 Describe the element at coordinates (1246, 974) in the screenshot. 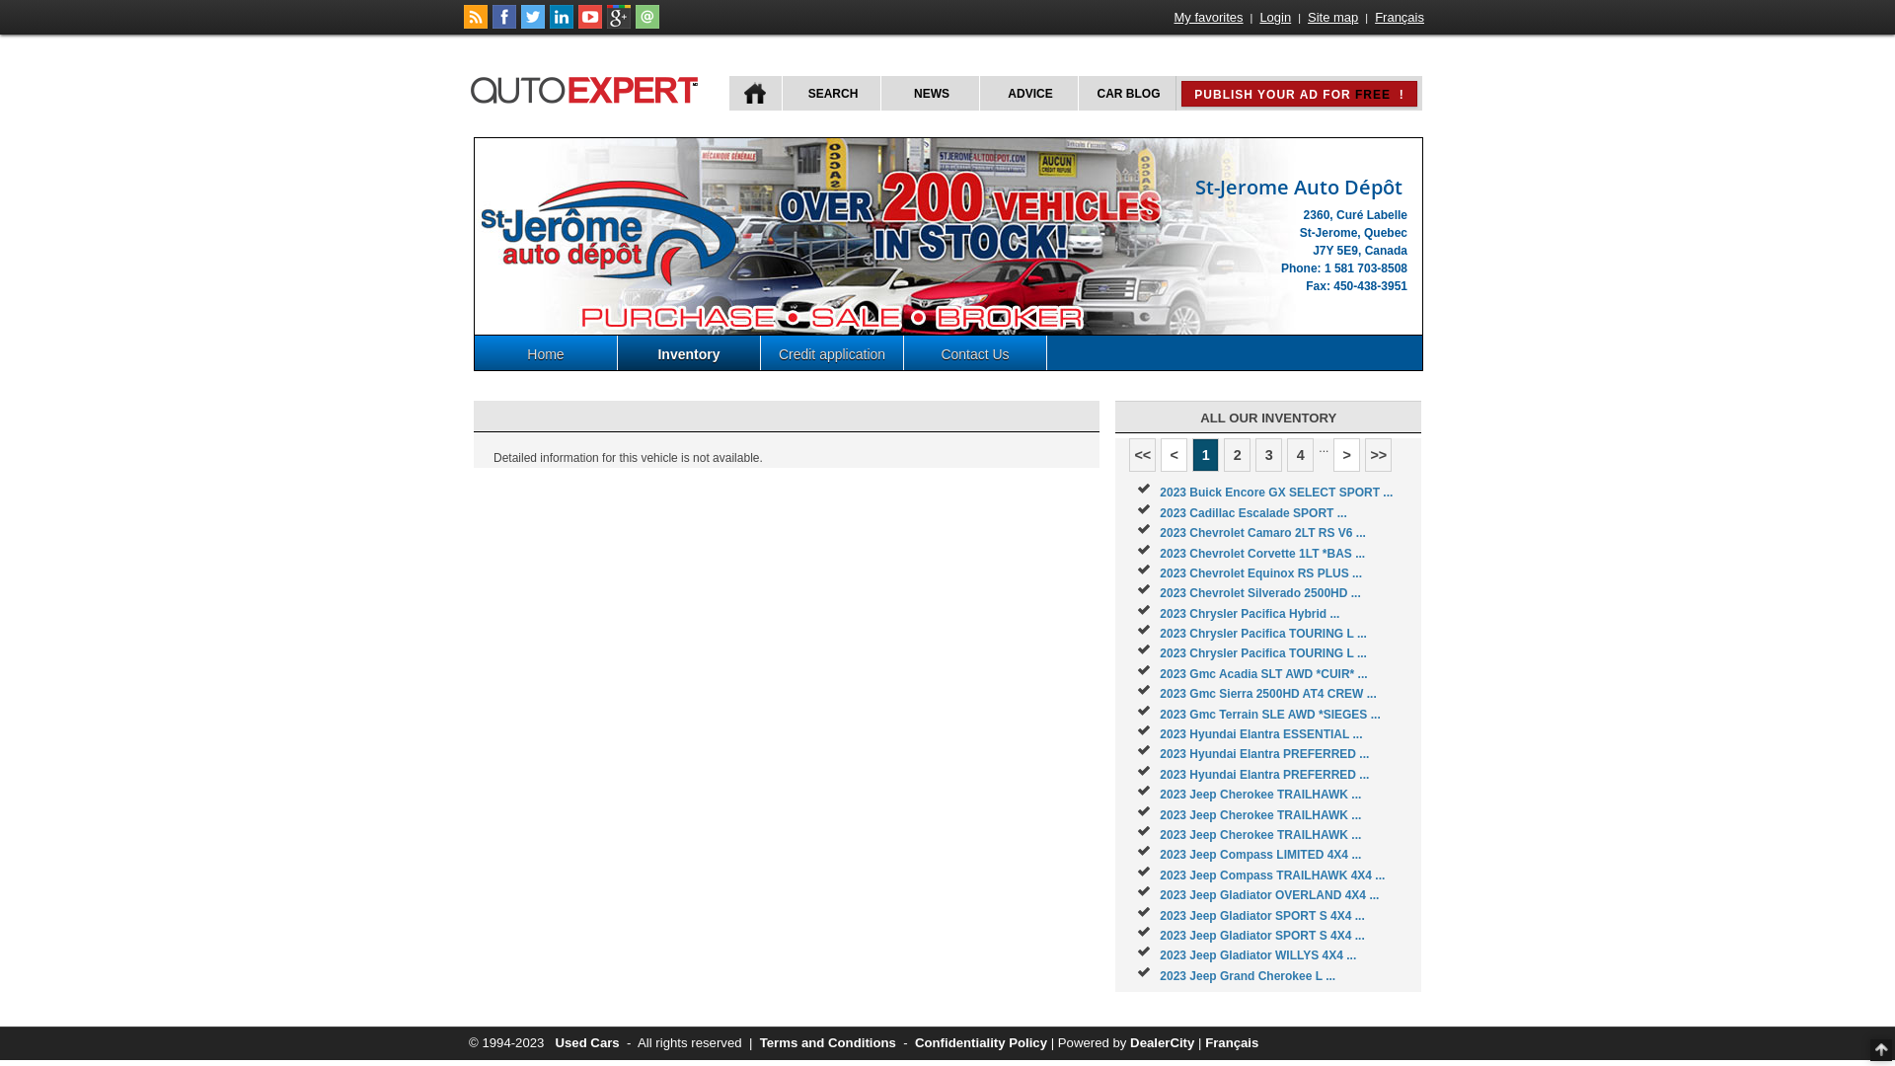

I see `'2023 Jeep Grand Cherokee L ...'` at that location.